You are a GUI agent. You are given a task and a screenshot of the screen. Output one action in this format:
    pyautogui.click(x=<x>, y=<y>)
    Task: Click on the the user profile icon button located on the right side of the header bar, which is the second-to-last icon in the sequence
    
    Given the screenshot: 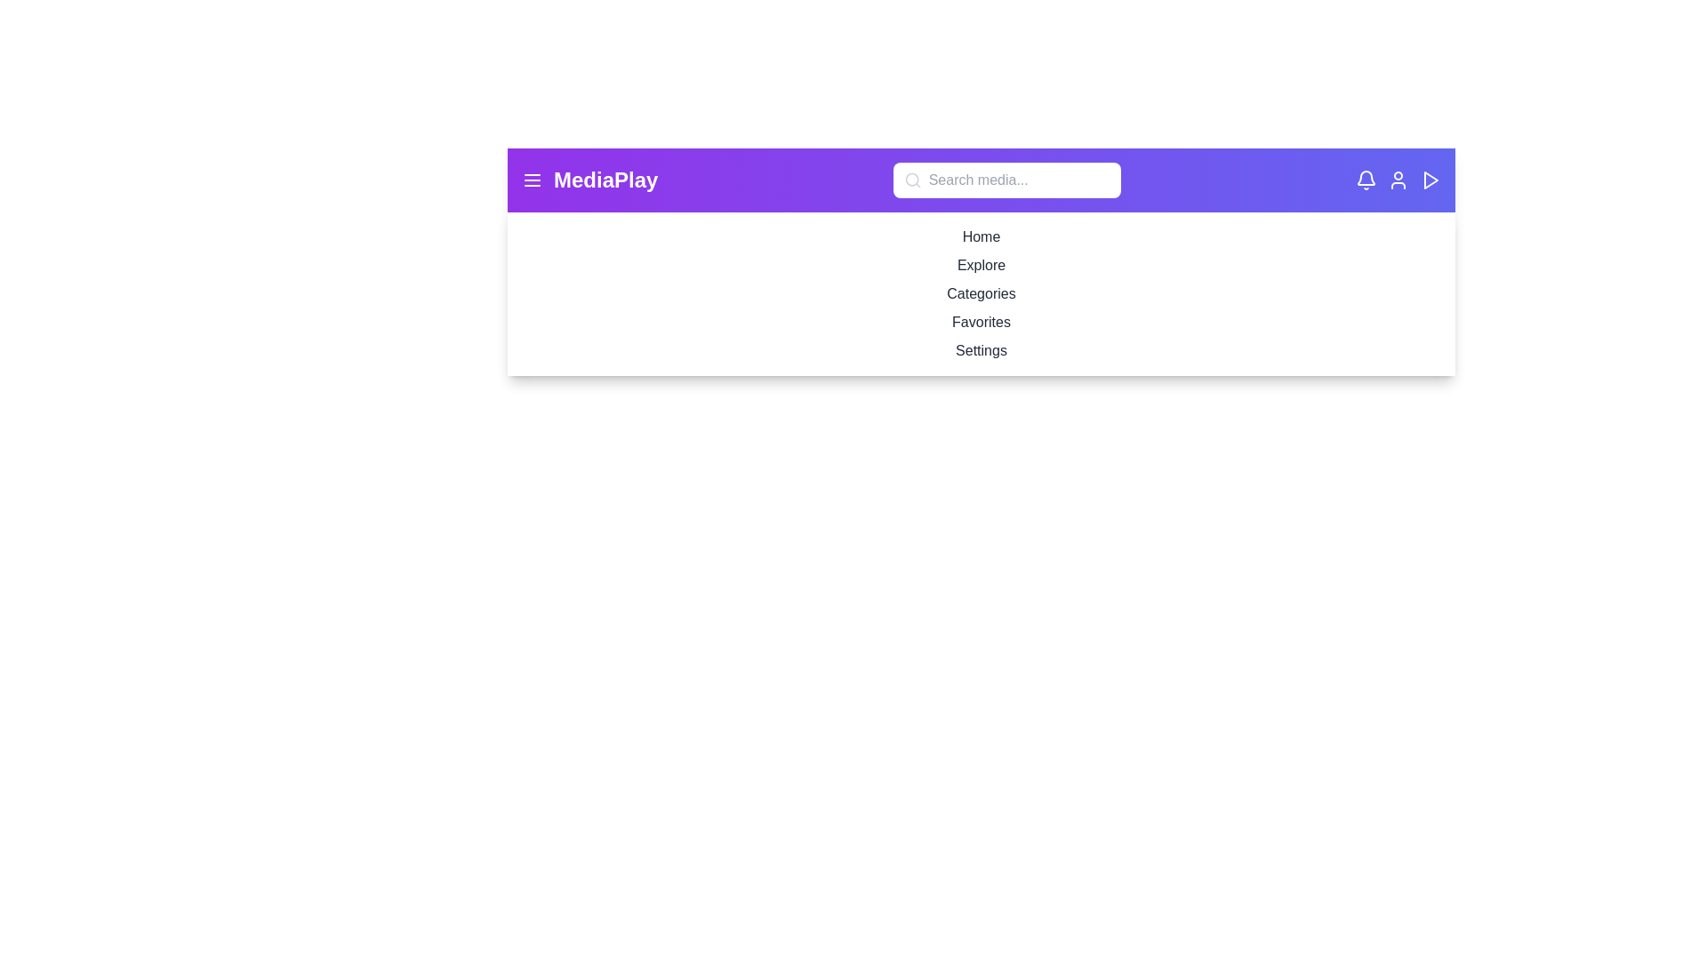 What is the action you would take?
    pyautogui.click(x=1398, y=180)
    